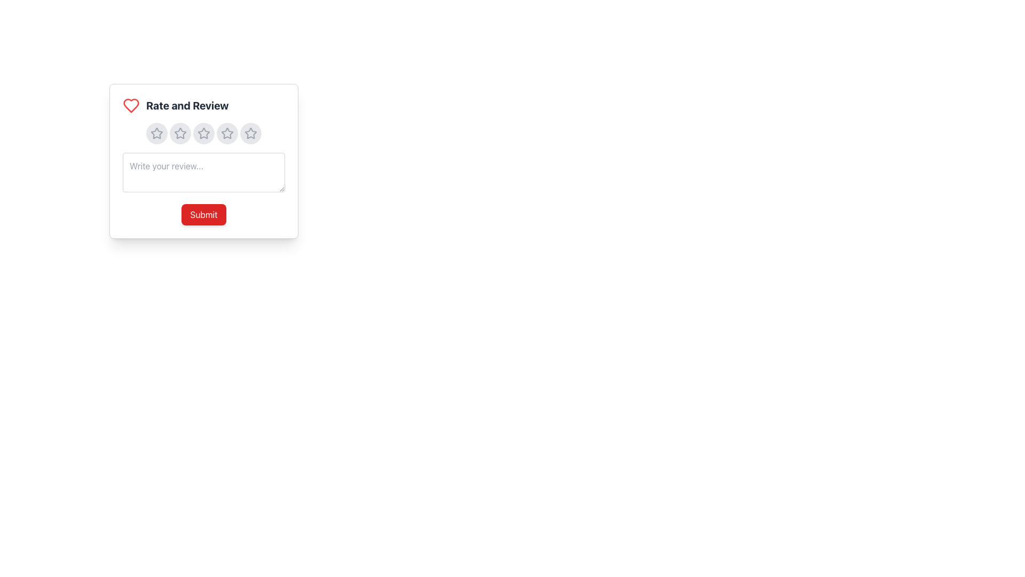 The width and height of the screenshot is (1025, 577). Describe the element at coordinates (250, 133) in the screenshot. I see `the fifth rating star icon in the rating section below the 'Rate and Review' heading` at that location.